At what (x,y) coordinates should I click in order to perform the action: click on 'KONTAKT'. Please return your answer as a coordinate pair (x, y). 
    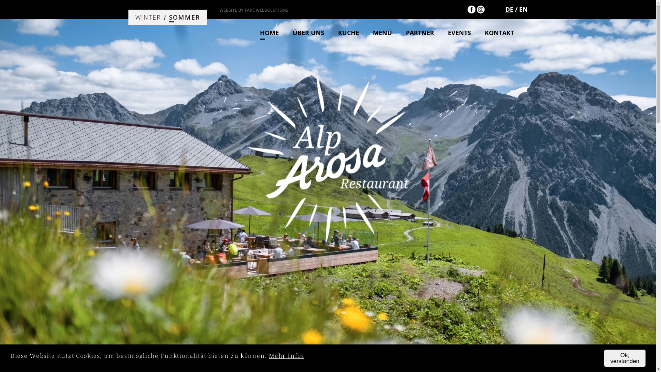
    Looking at the image, I should click on (484, 33).